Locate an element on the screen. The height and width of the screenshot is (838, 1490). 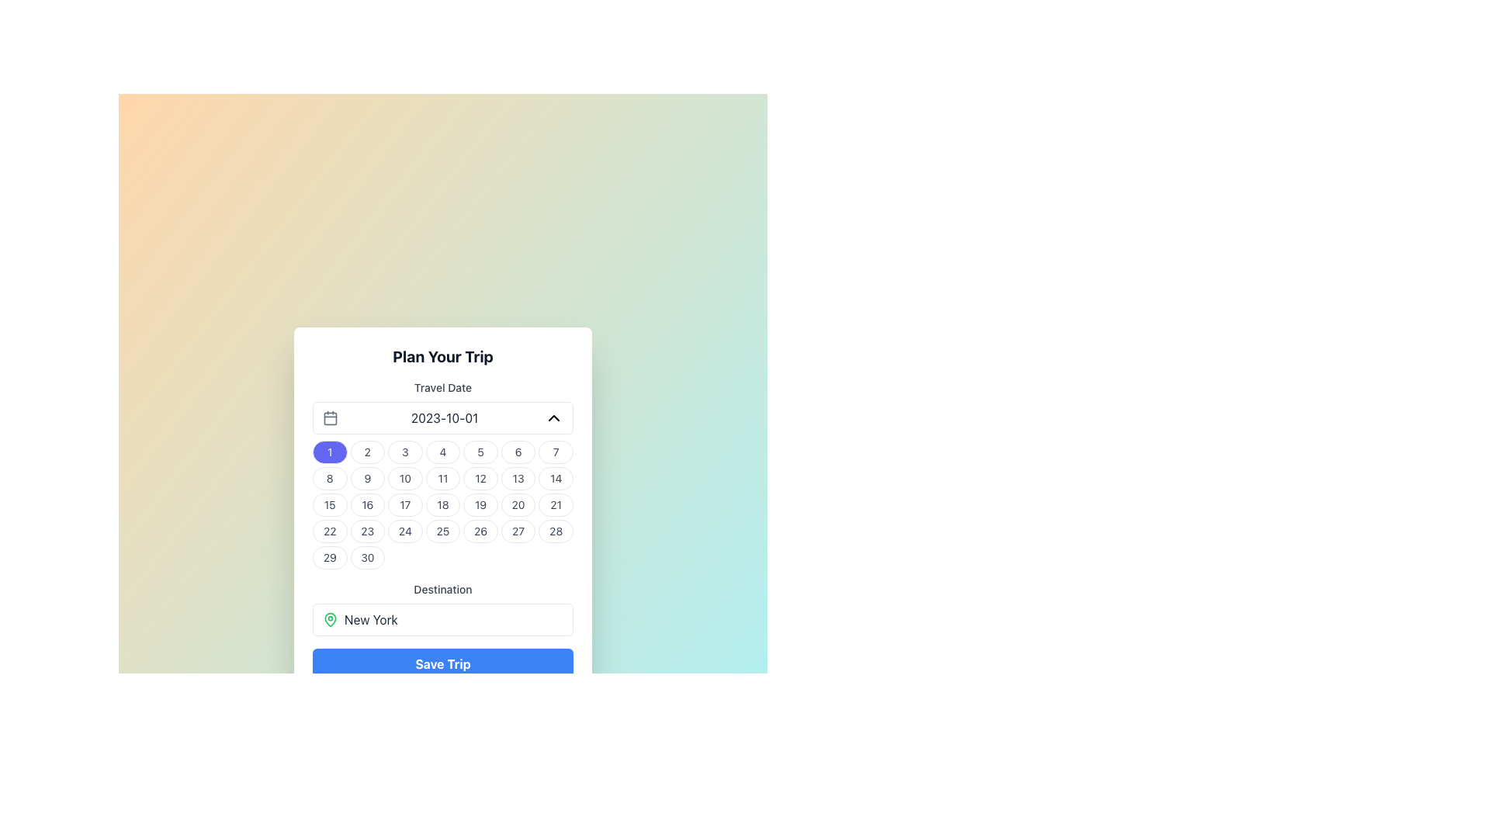
the date selection button in the calendar interface is located at coordinates (518, 505).